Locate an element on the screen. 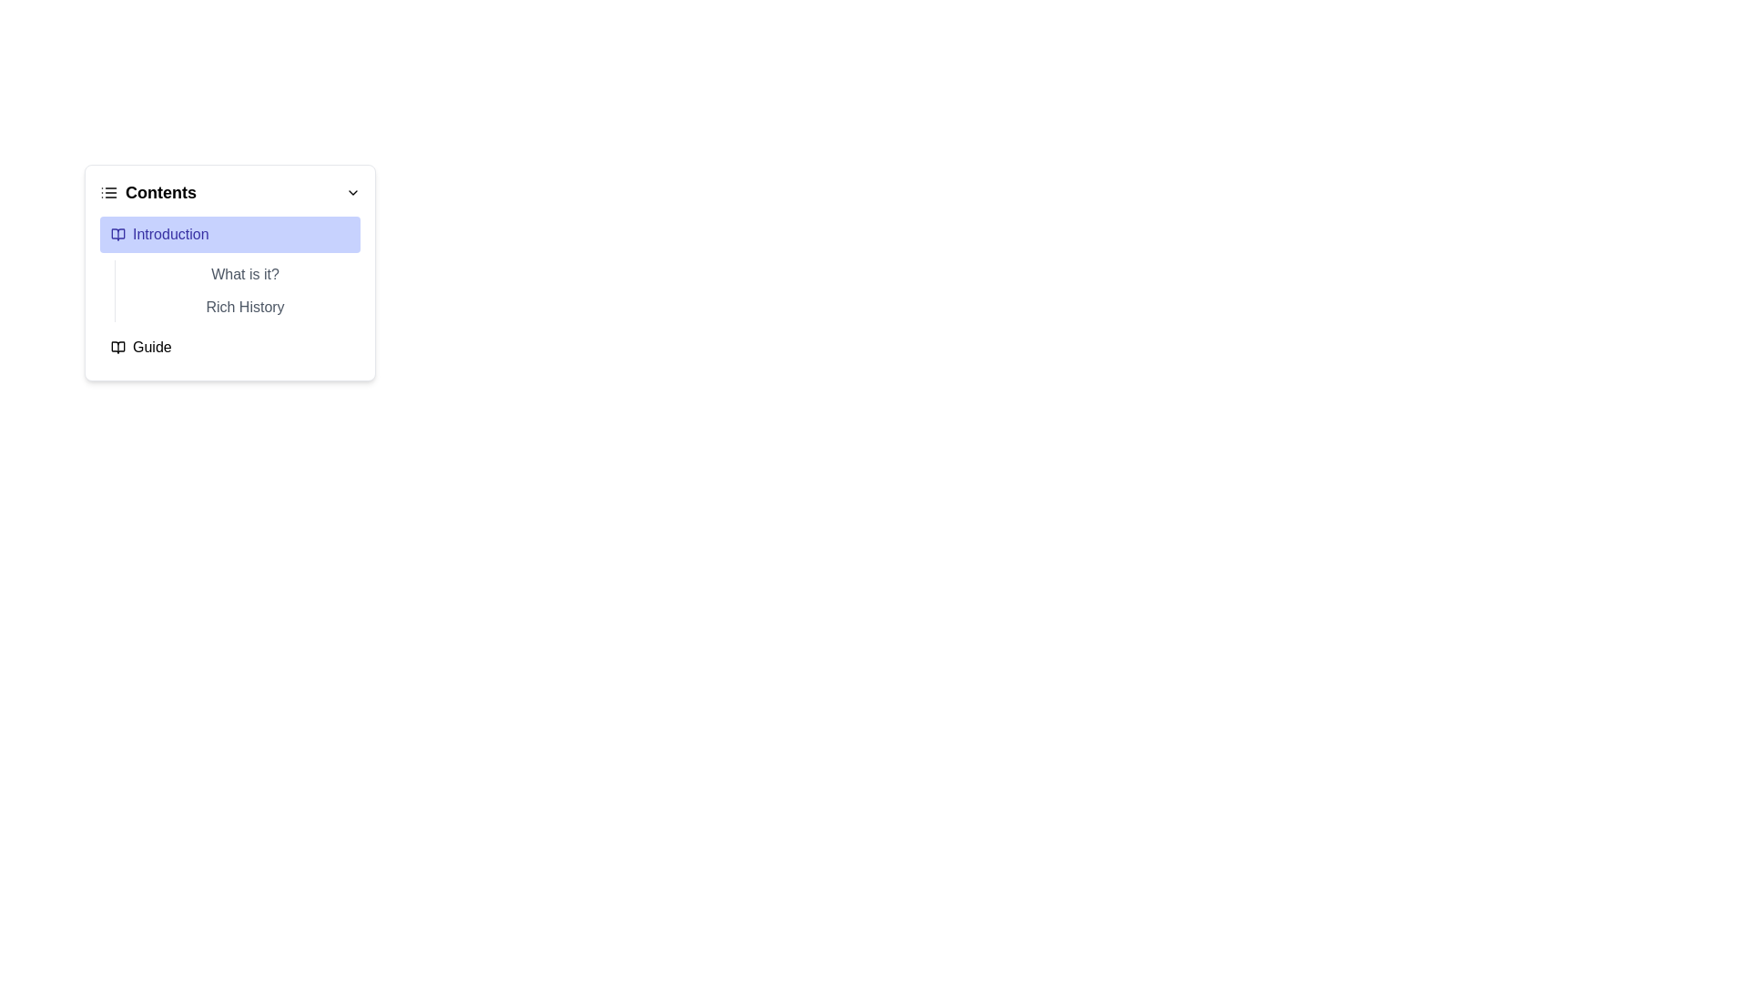 The height and width of the screenshot is (983, 1748). the open book icon styled with modern line-art design, located to the left of the 'Introduction' text in the vertical menu is located at coordinates (117, 234).